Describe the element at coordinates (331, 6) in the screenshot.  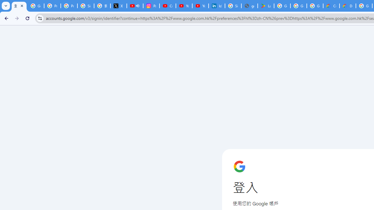
I see `'Customer Care | Google Cloud'` at that location.